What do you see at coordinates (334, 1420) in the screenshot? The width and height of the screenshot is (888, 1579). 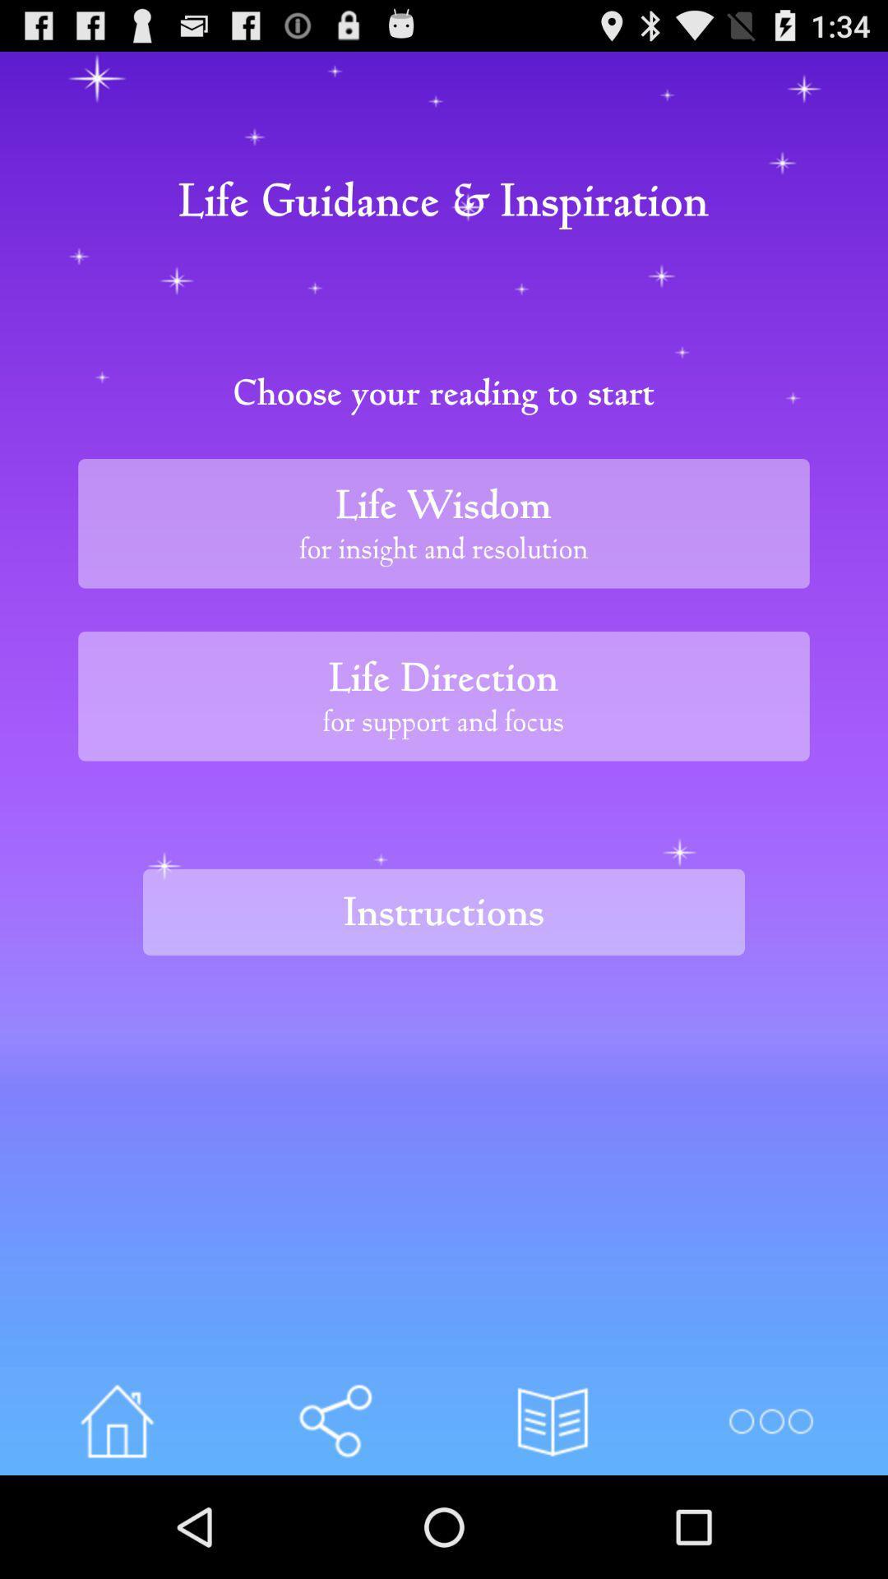 I see `info option` at bounding box center [334, 1420].